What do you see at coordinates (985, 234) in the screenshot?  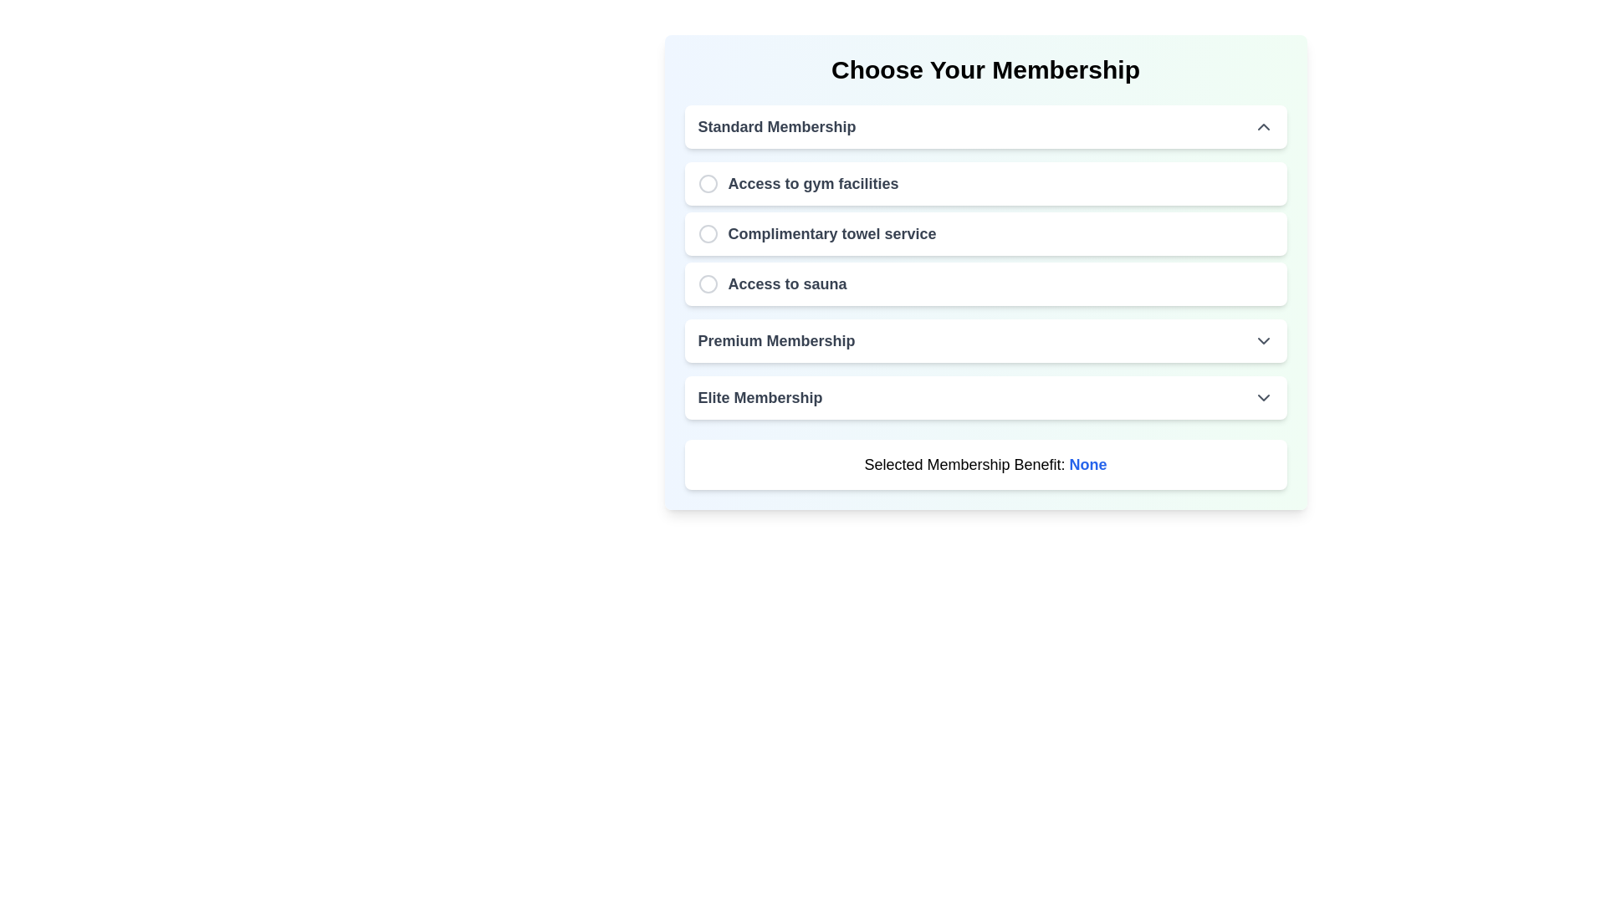 I see `the radio button option for complimentary towel services, which is the second choice under the 'Standard Membership' section` at bounding box center [985, 234].